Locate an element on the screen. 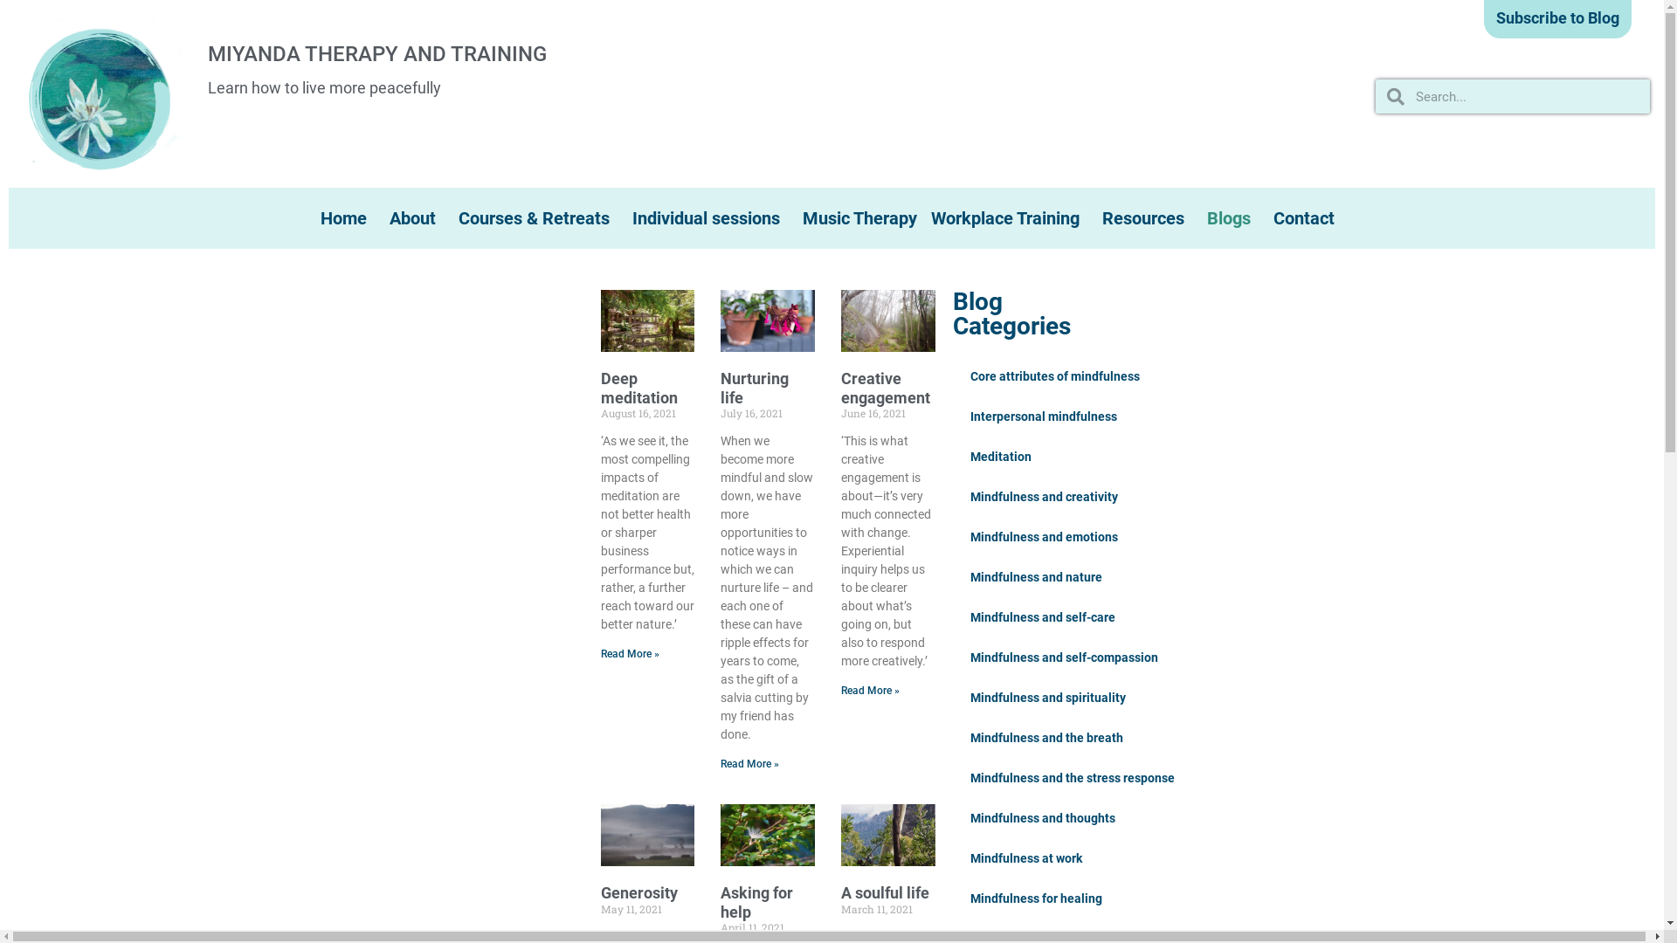 This screenshot has width=1677, height=943. 'Music Therapy' is located at coordinates (859, 217).